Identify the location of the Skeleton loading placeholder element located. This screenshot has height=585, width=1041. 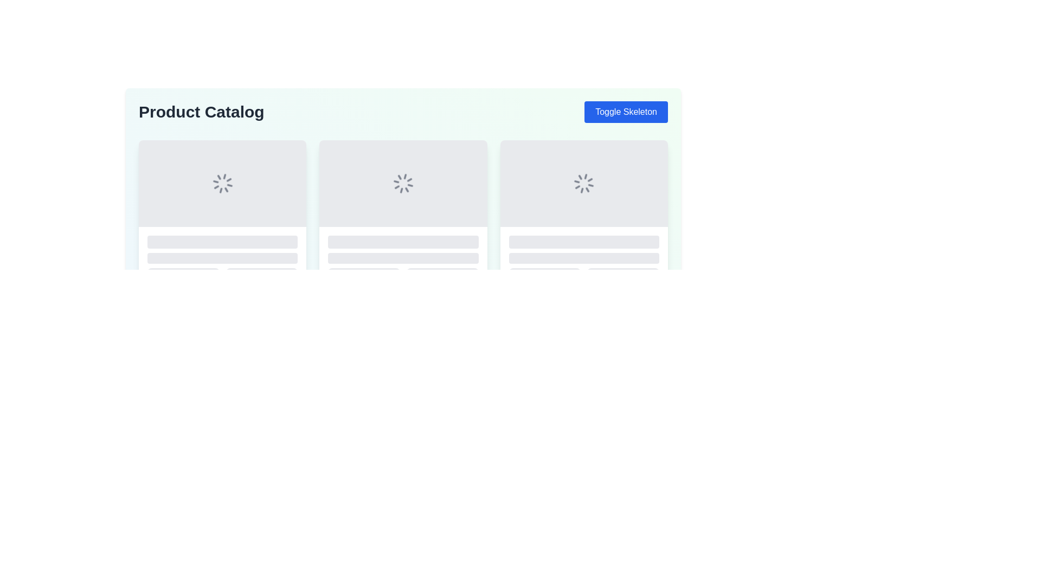
(544, 271).